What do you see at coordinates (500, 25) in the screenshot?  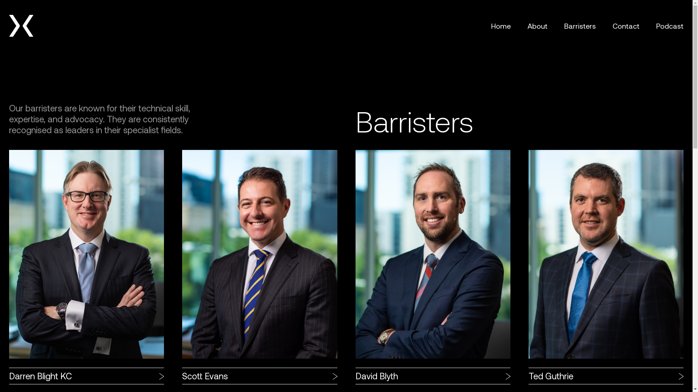 I see `'Home'` at bounding box center [500, 25].